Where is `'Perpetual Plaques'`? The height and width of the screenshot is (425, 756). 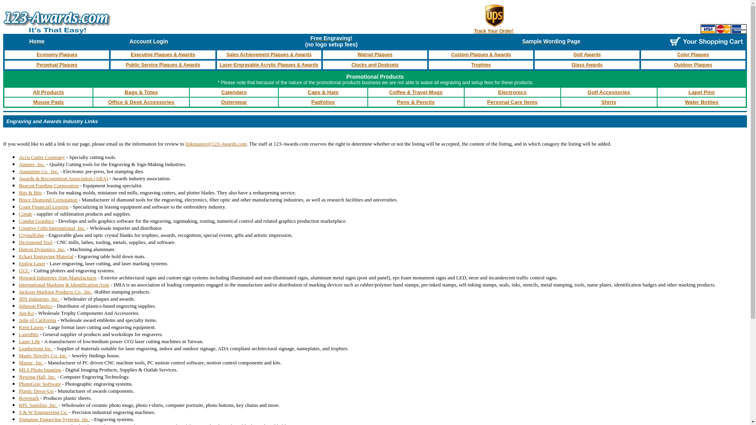 'Perpetual Plaques' is located at coordinates (56, 65).